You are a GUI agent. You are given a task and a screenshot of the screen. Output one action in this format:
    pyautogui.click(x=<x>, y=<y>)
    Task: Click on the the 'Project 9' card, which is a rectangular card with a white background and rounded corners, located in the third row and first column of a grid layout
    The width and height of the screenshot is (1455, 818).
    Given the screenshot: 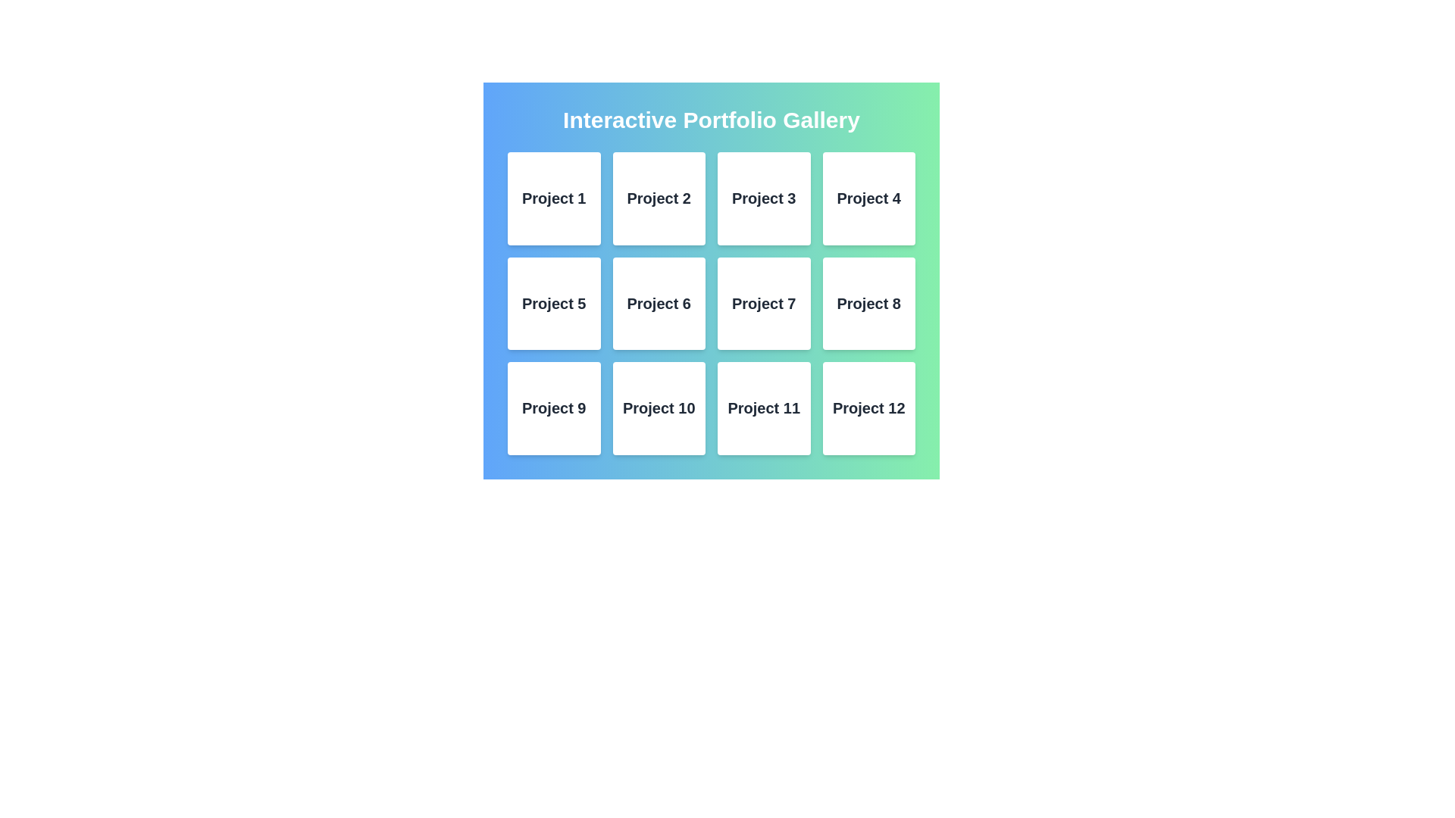 What is the action you would take?
    pyautogui.click(x=553, y=407)
    